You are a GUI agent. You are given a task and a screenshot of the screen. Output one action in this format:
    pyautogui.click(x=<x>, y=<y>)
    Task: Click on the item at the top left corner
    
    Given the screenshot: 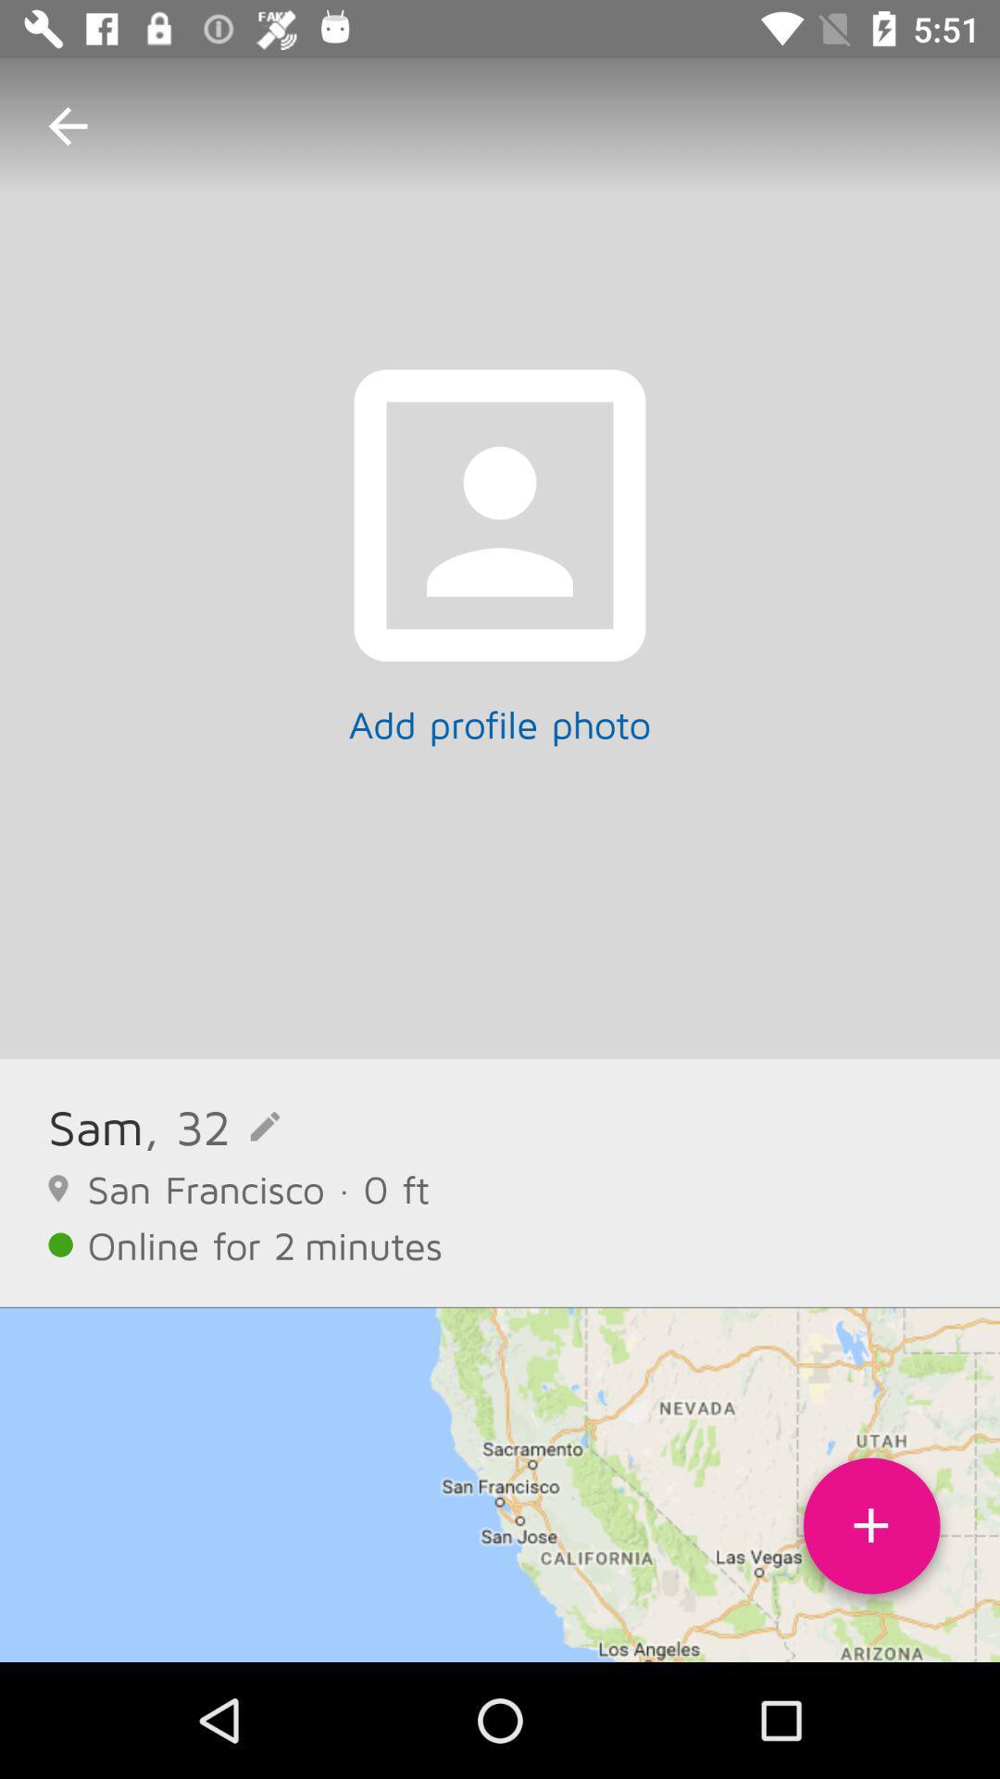 What is the action you would take?
    pyautogui.click(x=67, y=125)
    